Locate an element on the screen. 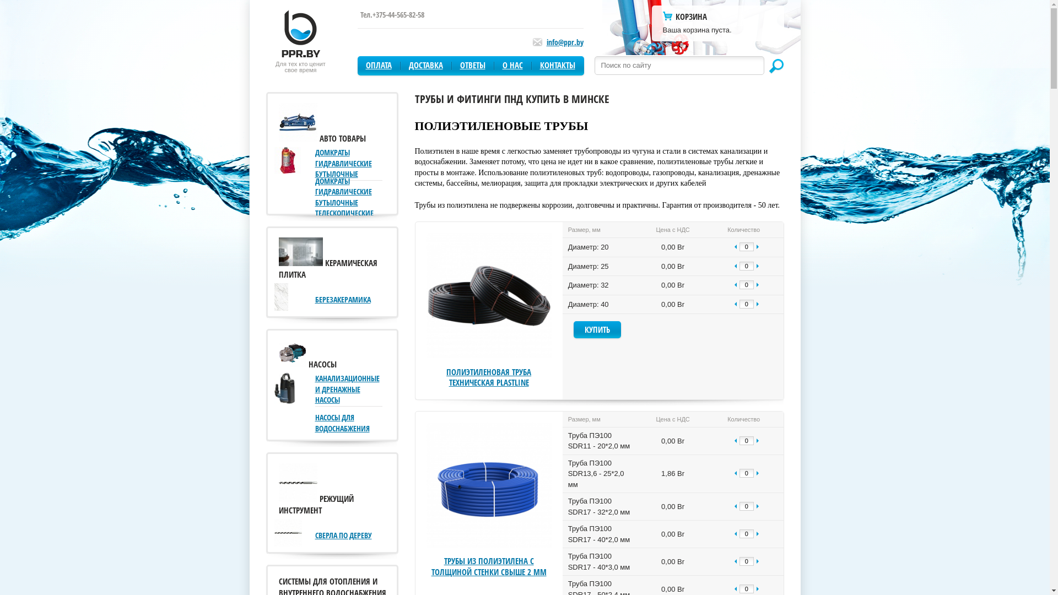 Image resolution: width=1058 pixels, height=595 pixels. '-' is located at coordinates (735, 507).